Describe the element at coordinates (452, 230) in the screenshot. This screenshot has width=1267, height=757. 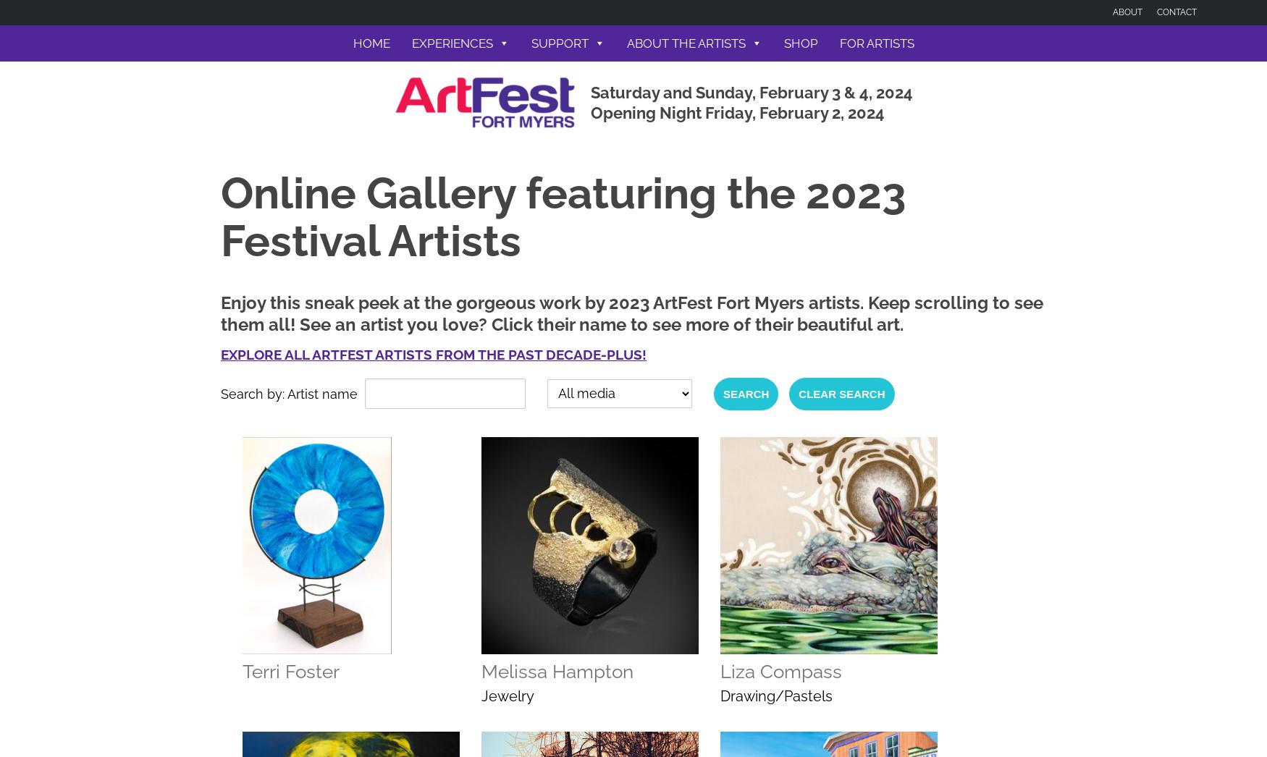
I see `'Get VIP Access'` at that location.